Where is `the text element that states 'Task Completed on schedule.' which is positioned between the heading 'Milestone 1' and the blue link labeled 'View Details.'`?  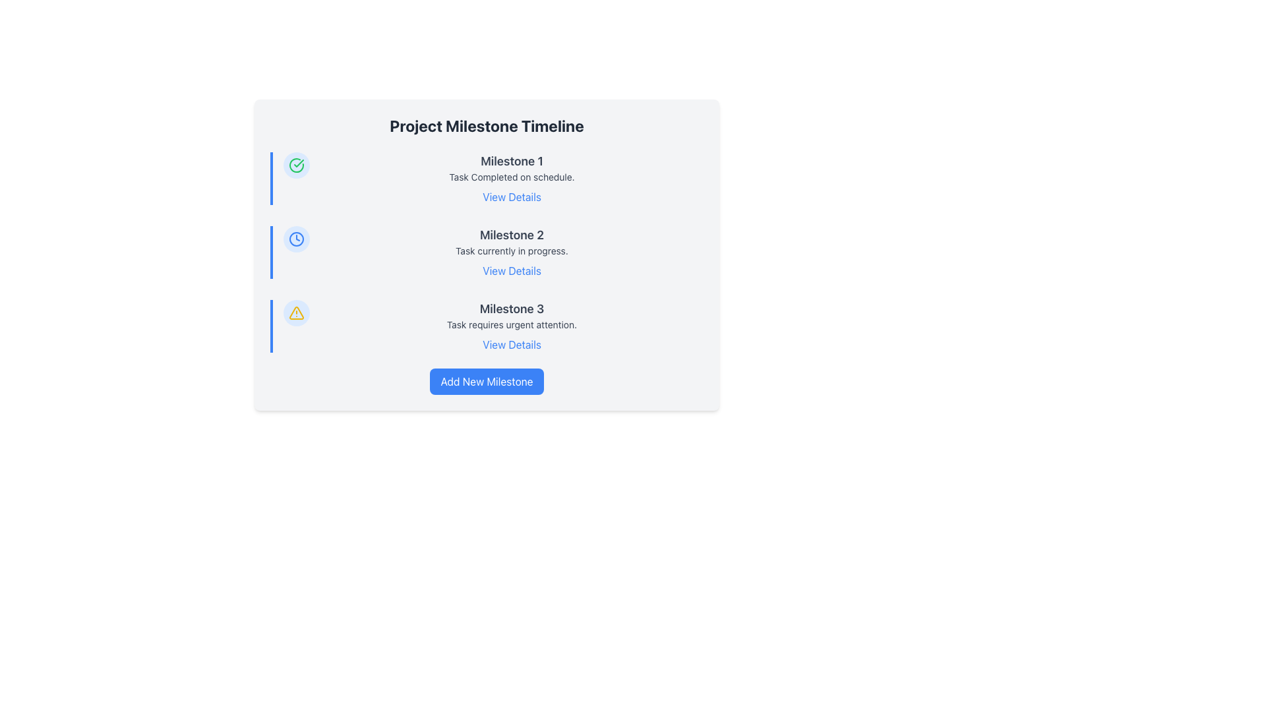
the text element that states 'Task Completed on schedule.' which is positioned between the heading 'Milestone 1' and the blue link labeled 'View Details.' is located at coordinates (511, 177).